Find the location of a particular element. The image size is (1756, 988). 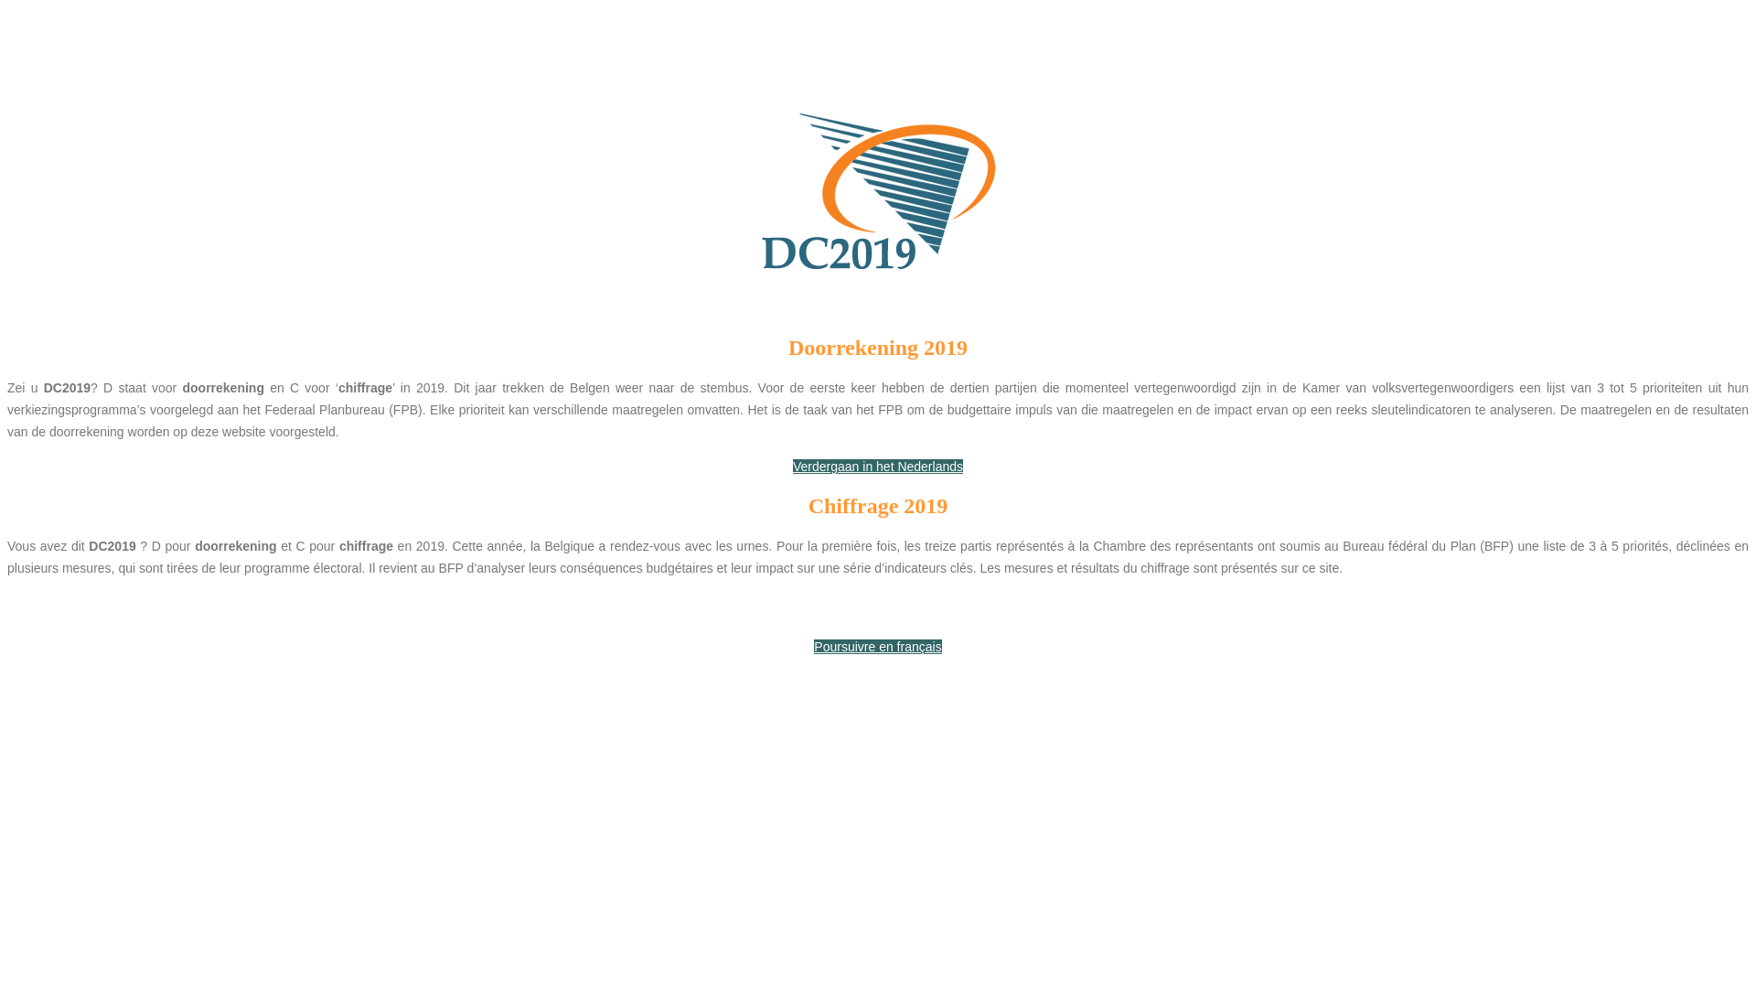

'Verdergaan in het Nederlands' is located at coordinates (793, 465).